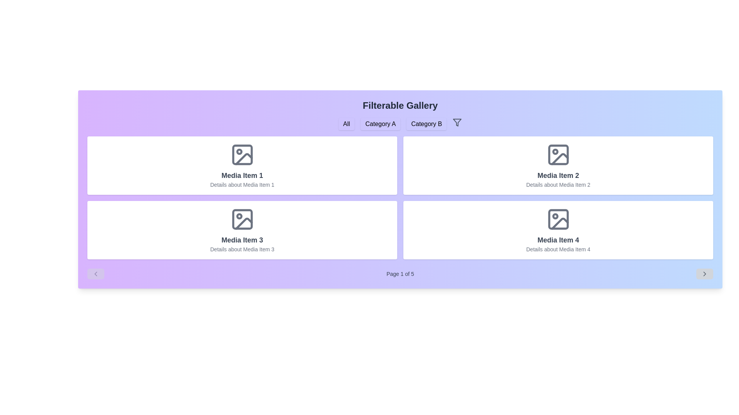  What do you see at coordinates (242, 249) in the screenshot?
I see `the text element displaying 'Details about Media Item 3' which is centrally aligned and positioned below the heading 'Media Item 3'` at bounding box center [242, 249].